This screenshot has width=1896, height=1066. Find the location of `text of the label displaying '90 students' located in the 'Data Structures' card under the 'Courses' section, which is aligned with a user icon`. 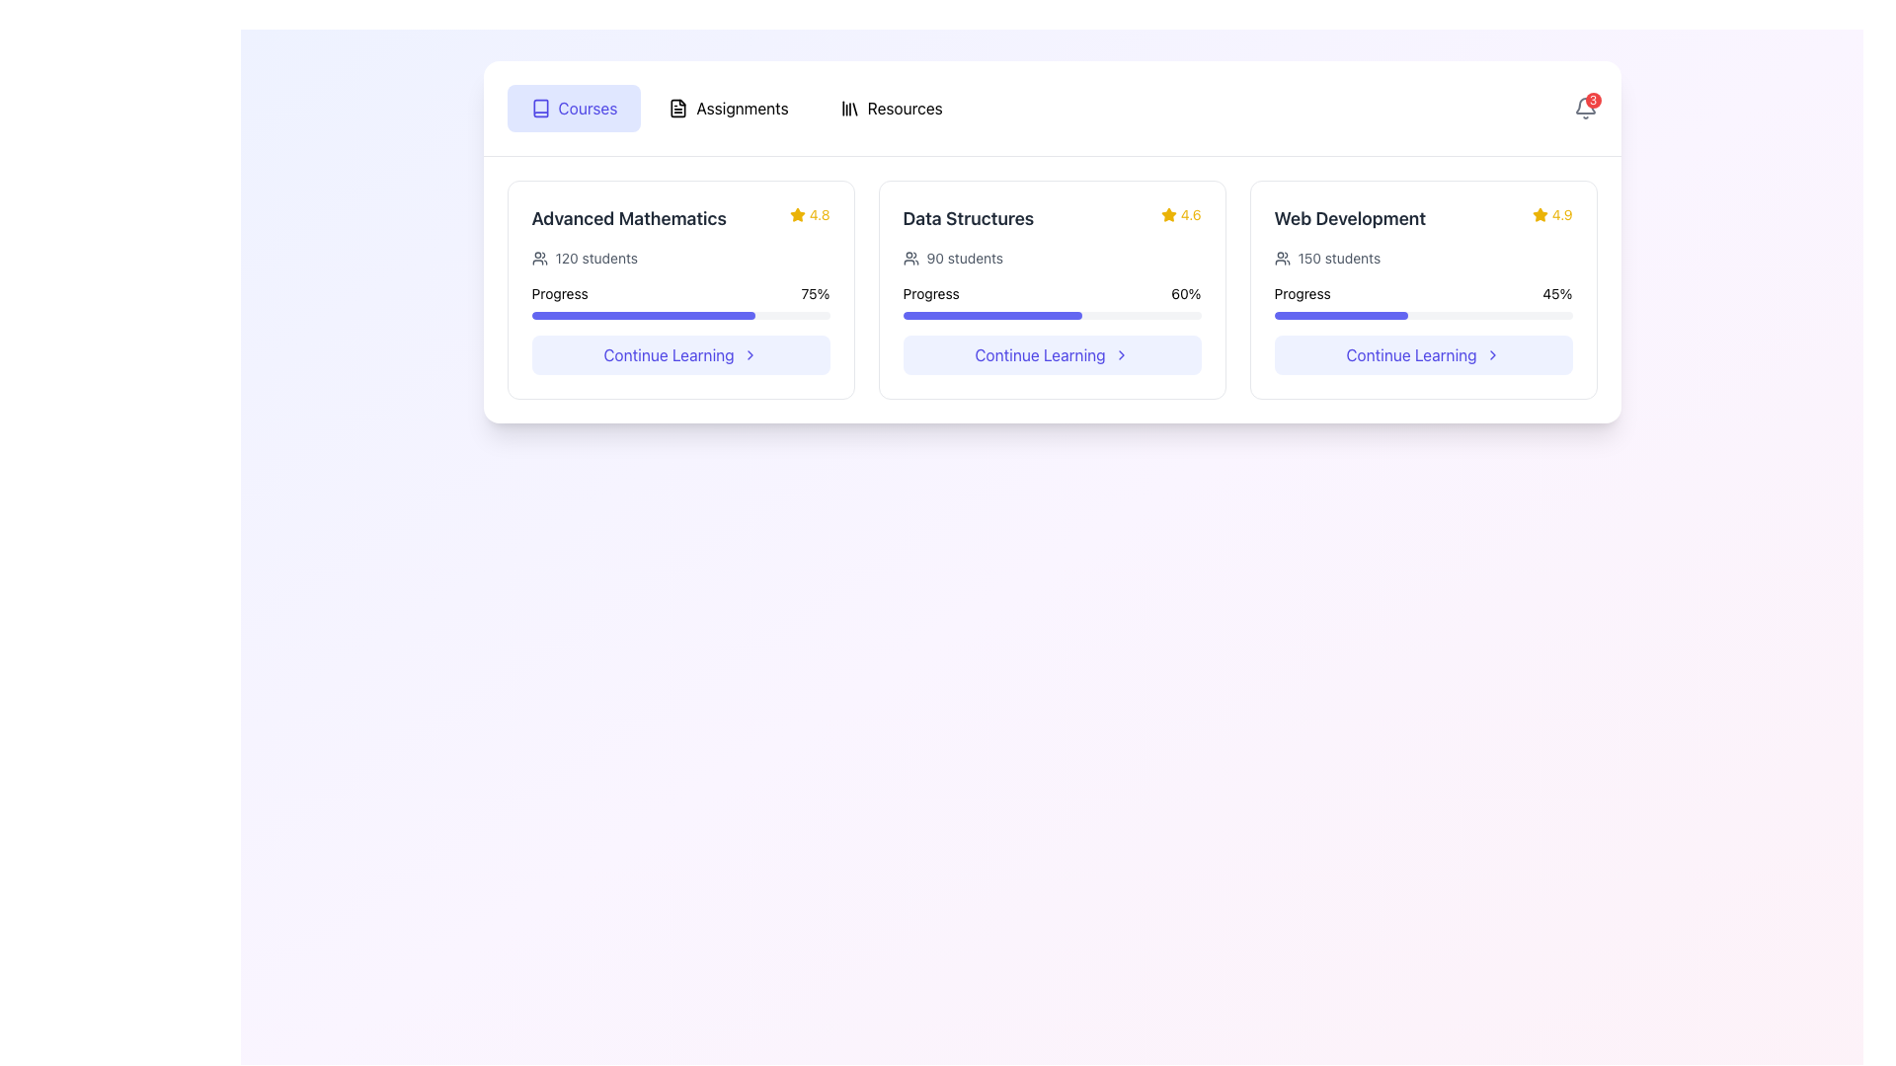

text of the label displaying '90 students' located in the 'Data Structures' card under the 'Courses' section, which is aligned with a user icon is located at coordinates (965, 258).